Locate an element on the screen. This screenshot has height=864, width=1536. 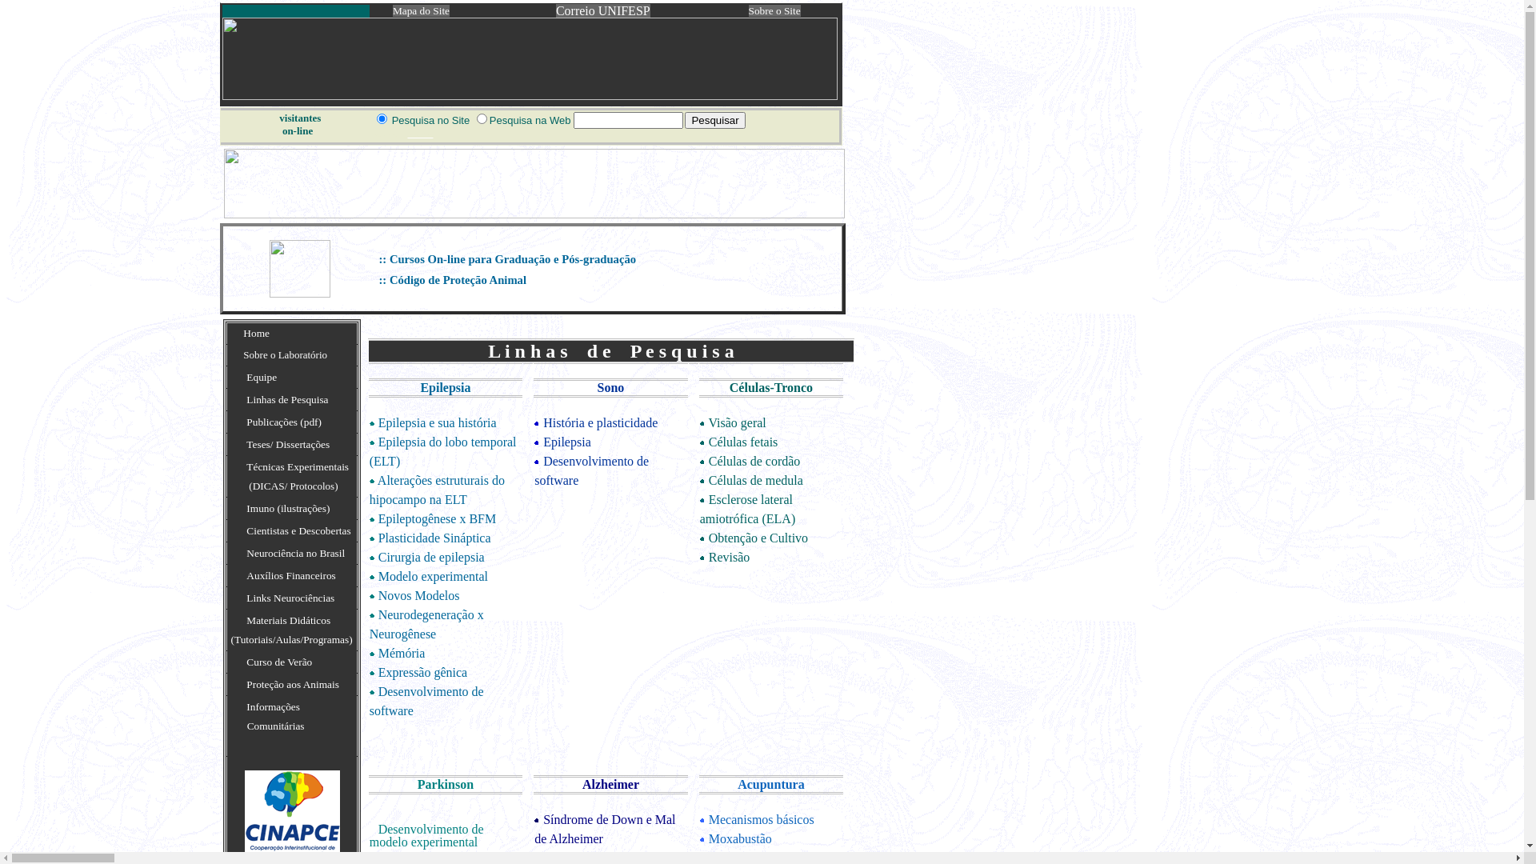
'Sobre o Site' is located at coordinates (748, 10).